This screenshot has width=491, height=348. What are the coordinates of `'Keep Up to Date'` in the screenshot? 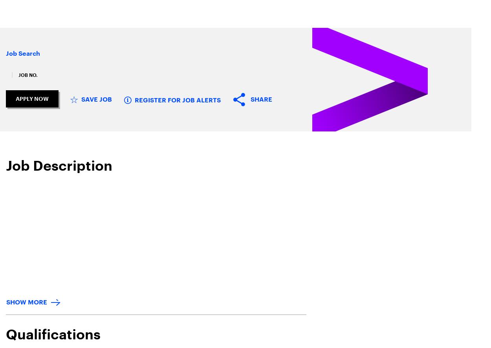 It's located at (210, 321).